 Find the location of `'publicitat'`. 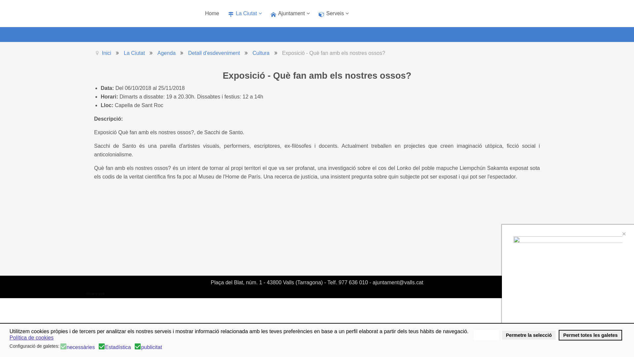

'publicitat' is located at coordinates (152, 346).